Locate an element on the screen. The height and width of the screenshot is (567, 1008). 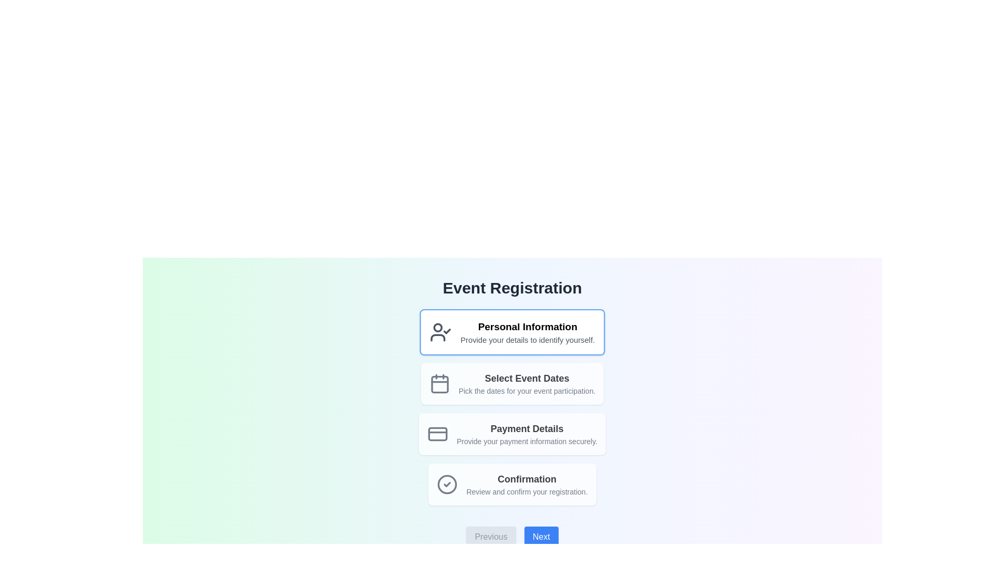
the credit card icon within the 'Payment Details' card, which is the first component of the third interactive card in a vertical sequence is located at coordinates (437, 434).